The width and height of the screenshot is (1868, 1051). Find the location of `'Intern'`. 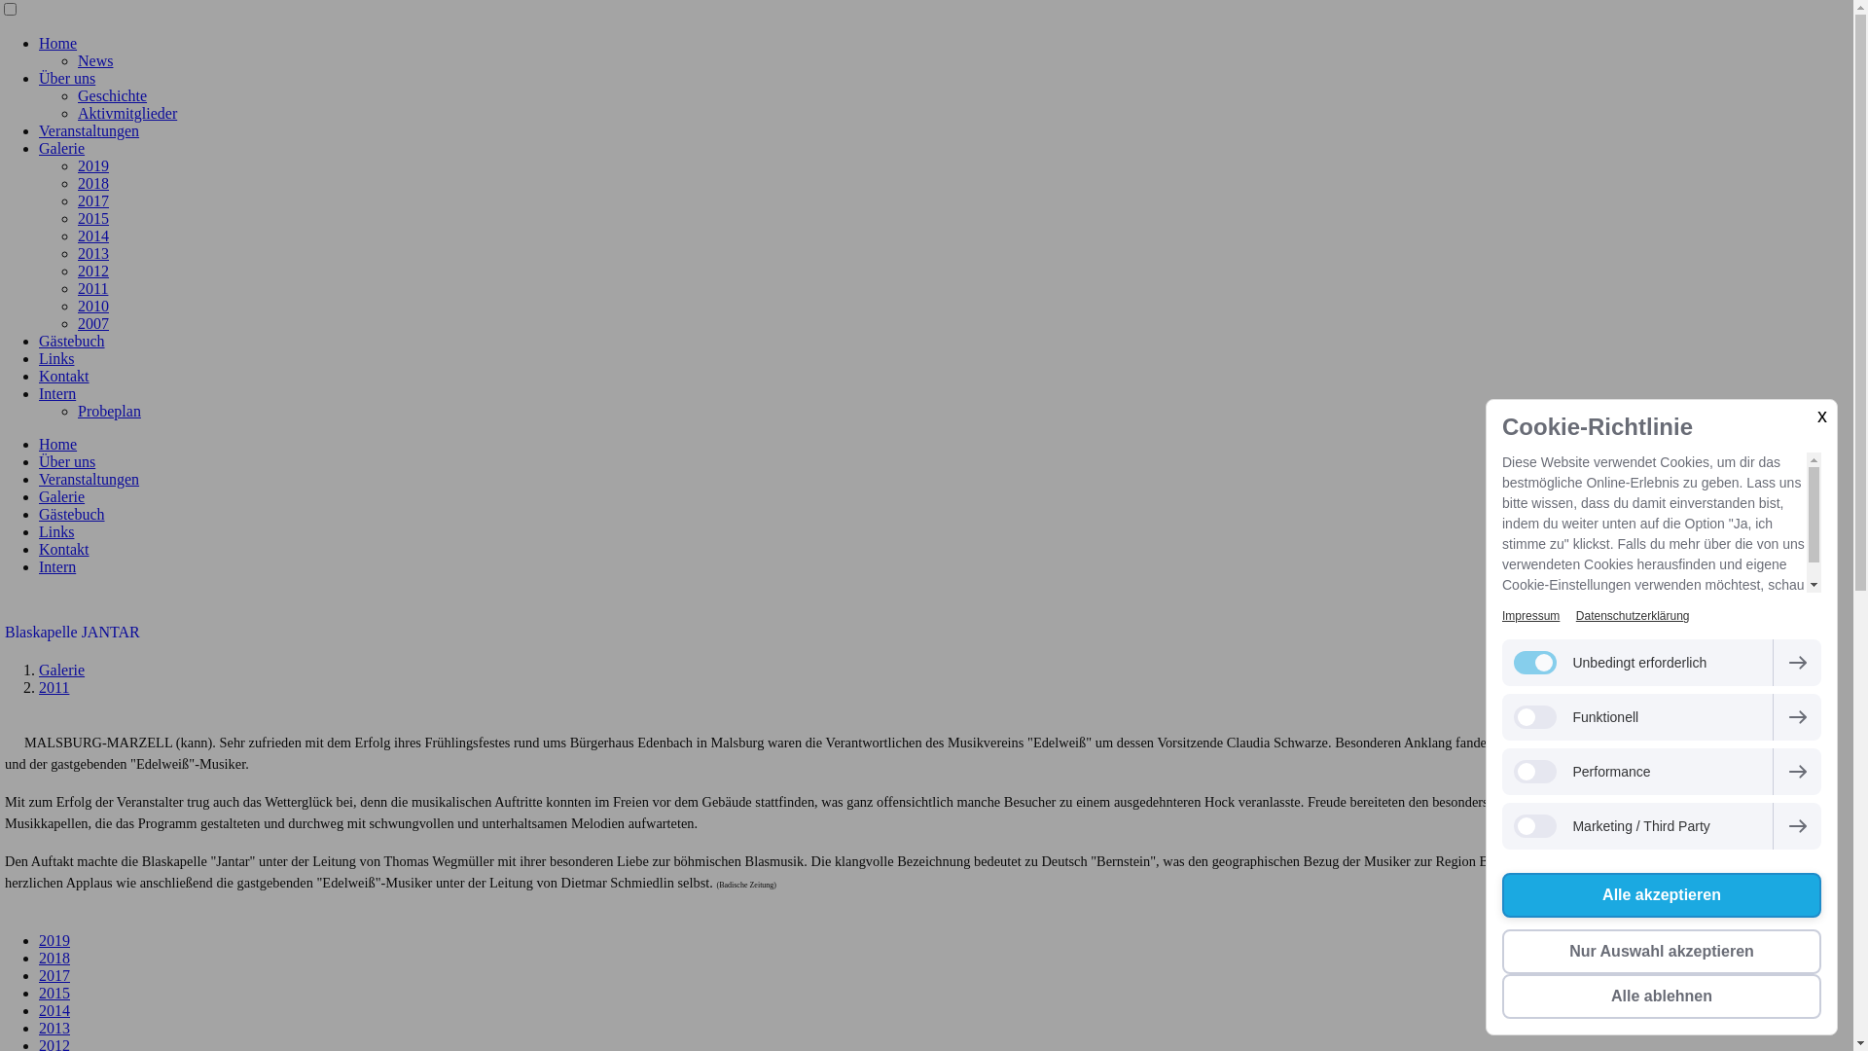

'Intern' is located at coordinates (56, 393).